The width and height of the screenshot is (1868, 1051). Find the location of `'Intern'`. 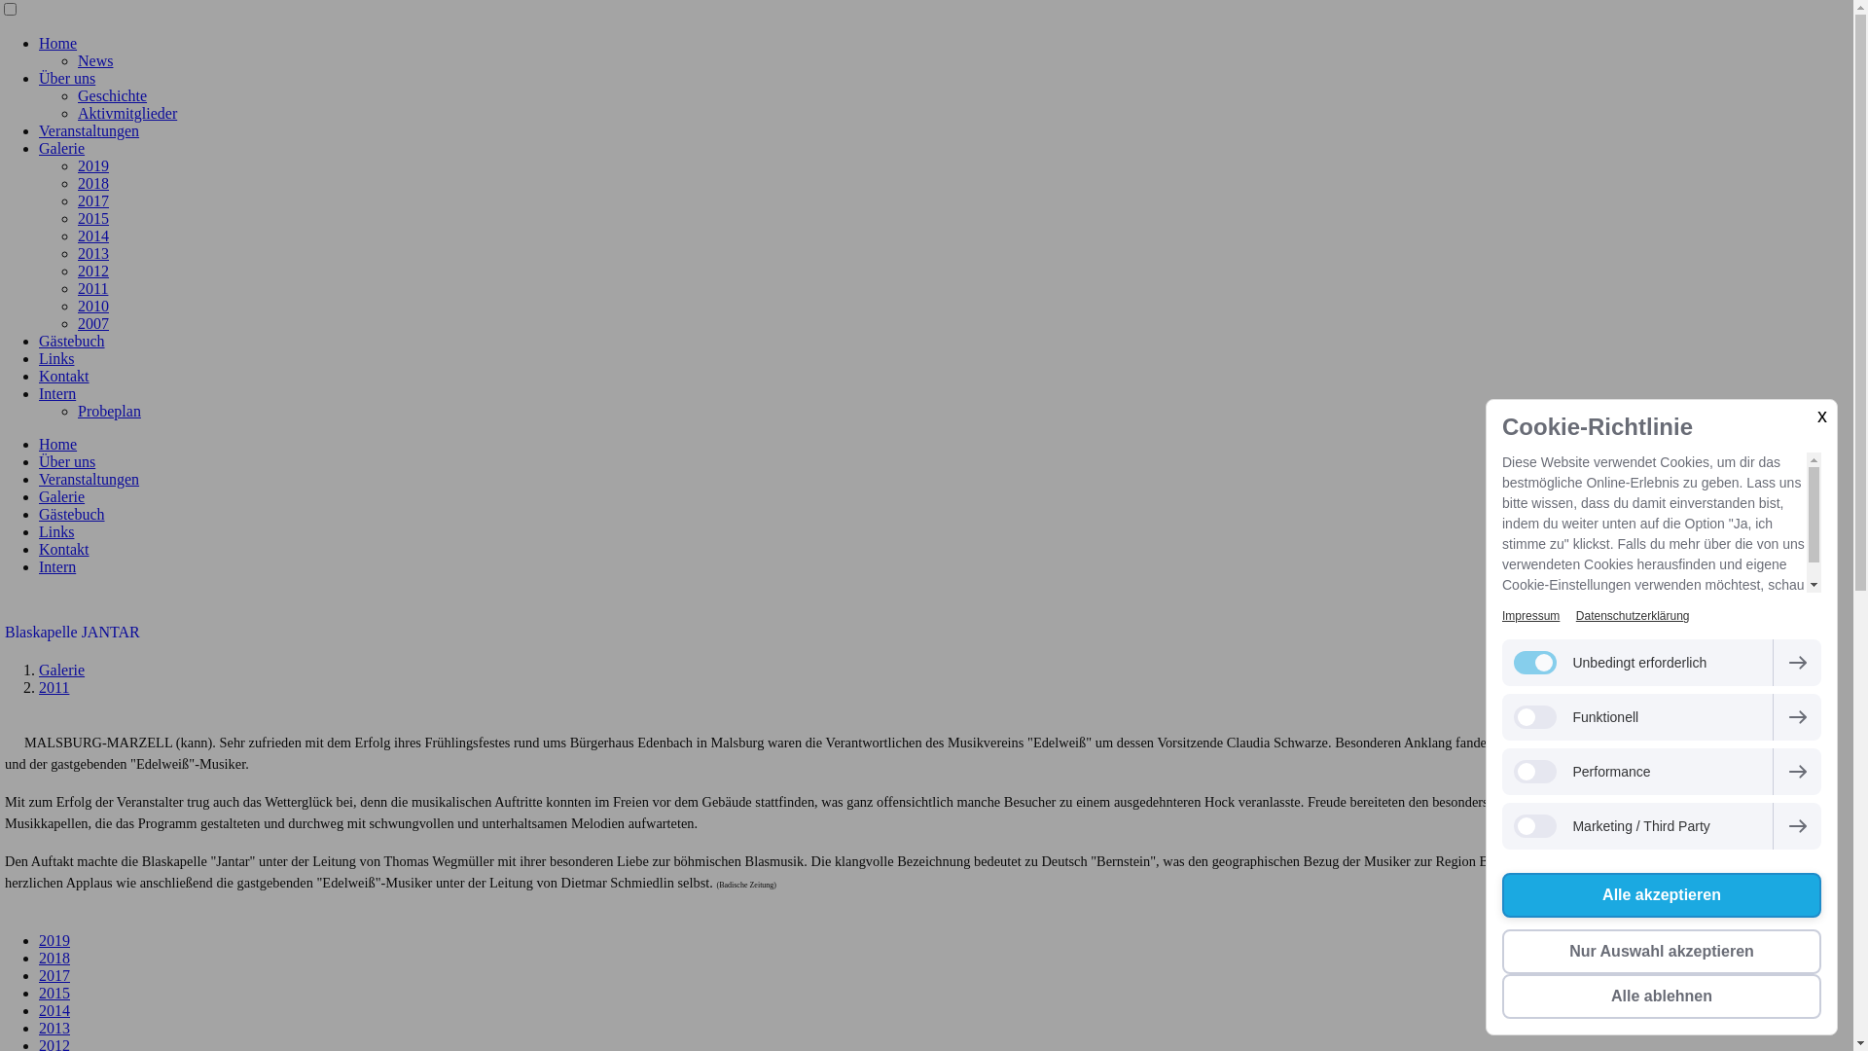

'Intern' is located at coordinates (56, 393).